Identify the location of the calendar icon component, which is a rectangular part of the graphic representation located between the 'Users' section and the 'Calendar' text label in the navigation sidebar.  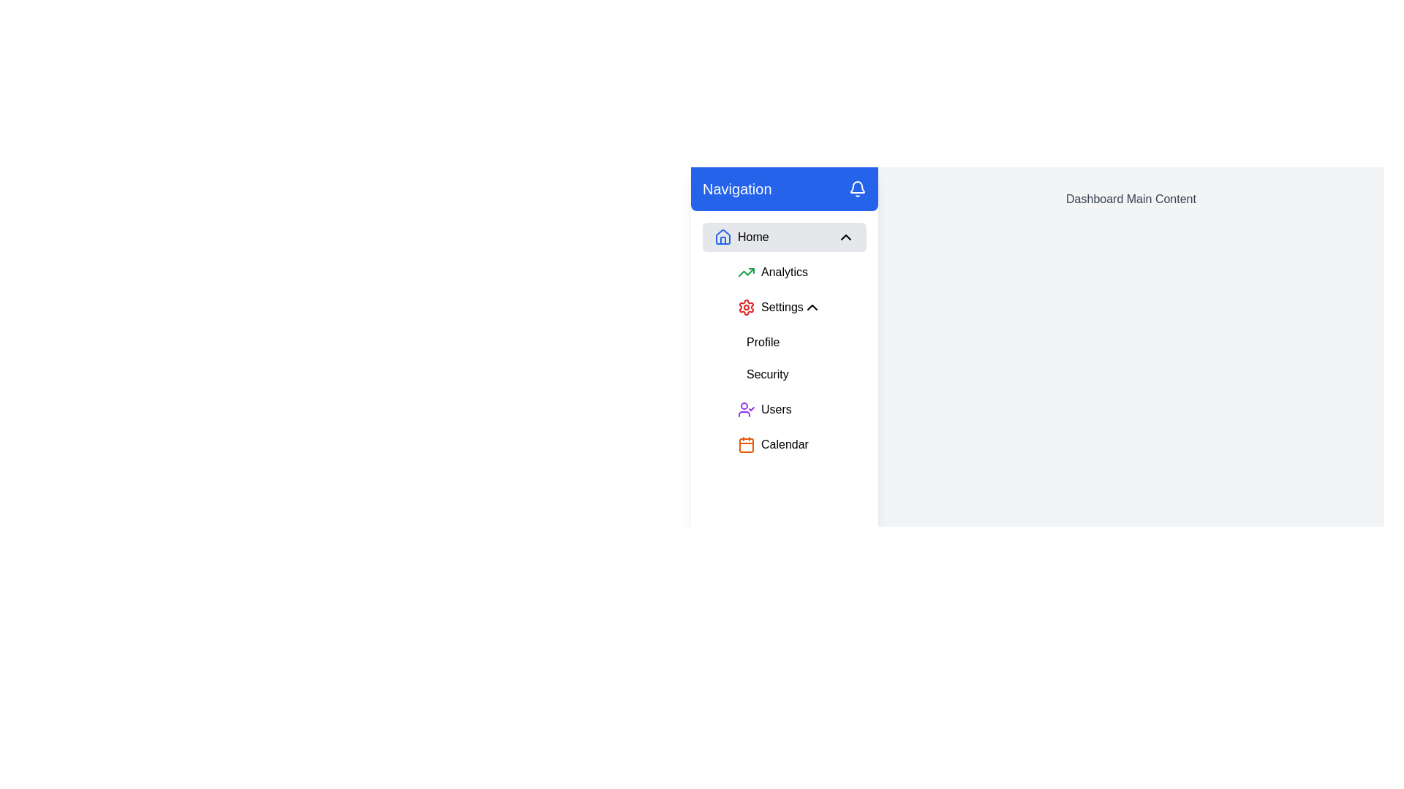
(747, 444).